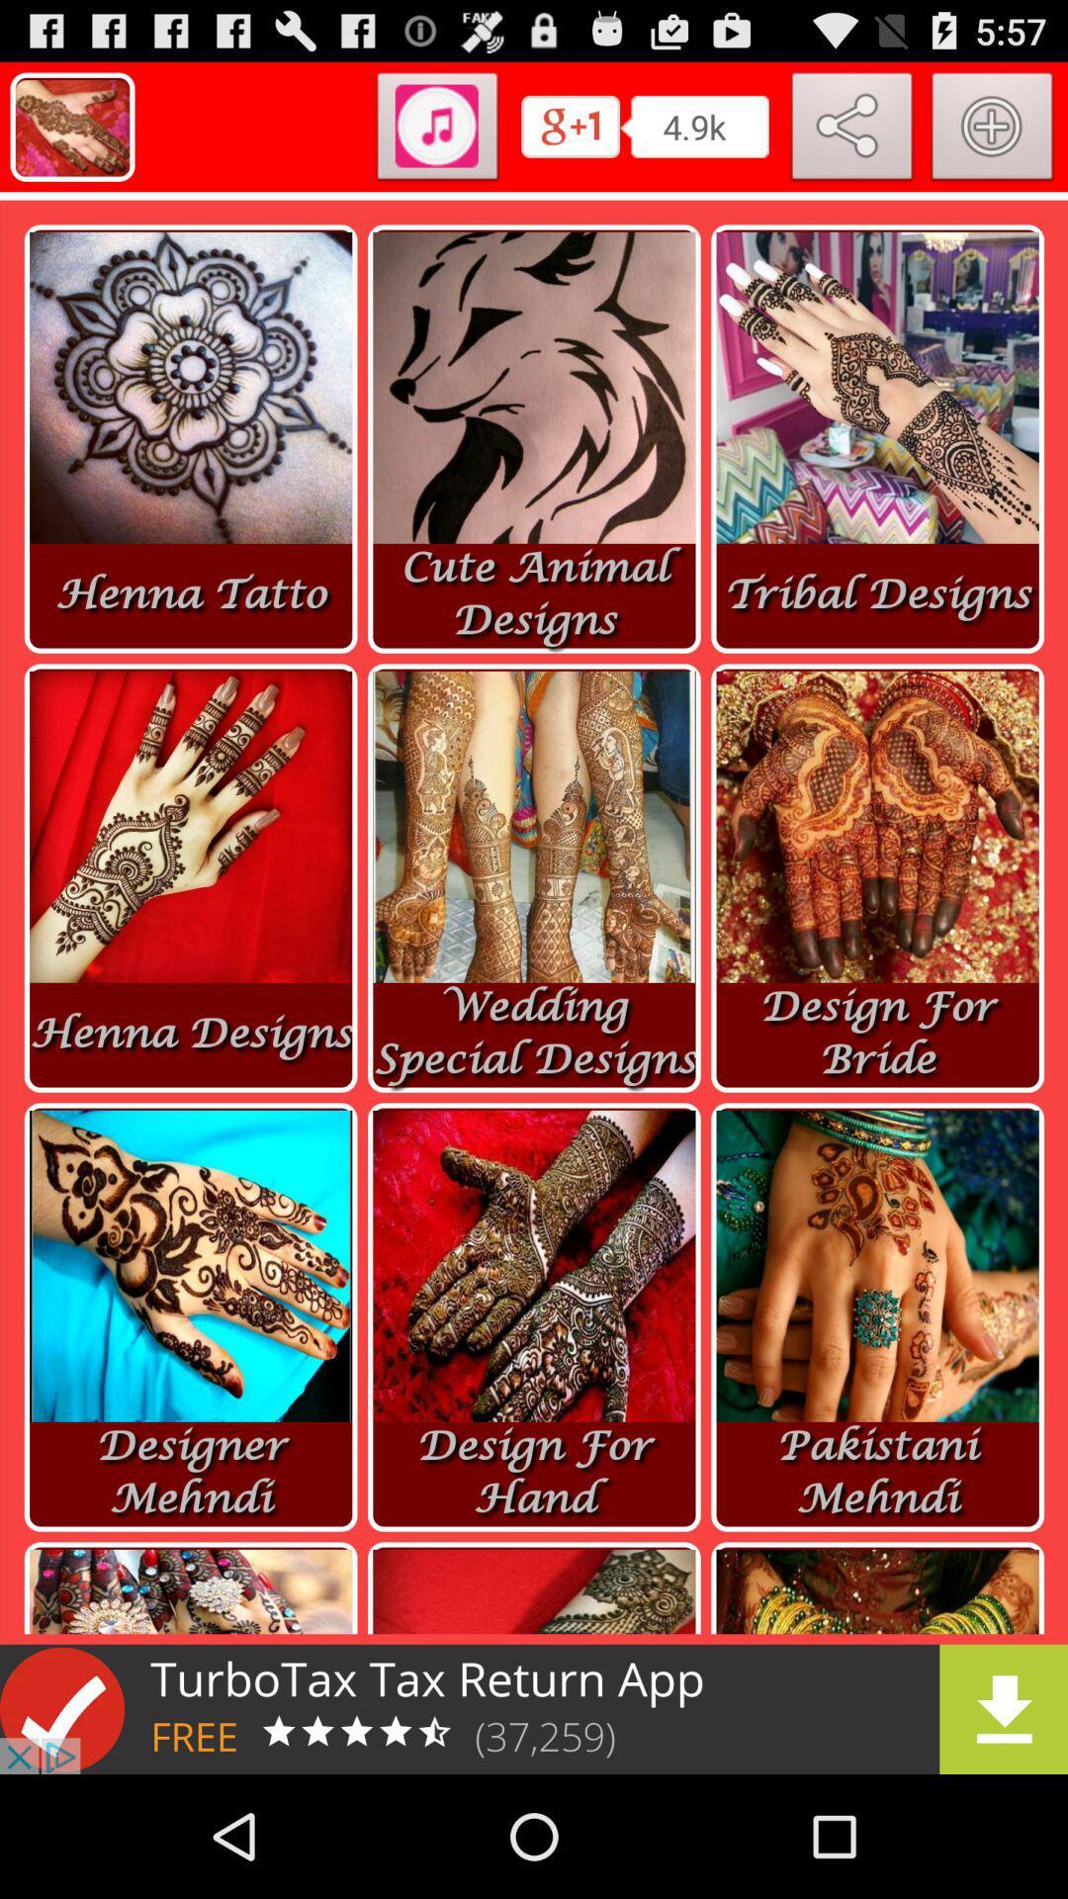  Describe the element at coordinates (851, 130) in the screenshot. I see `share this` at that location.